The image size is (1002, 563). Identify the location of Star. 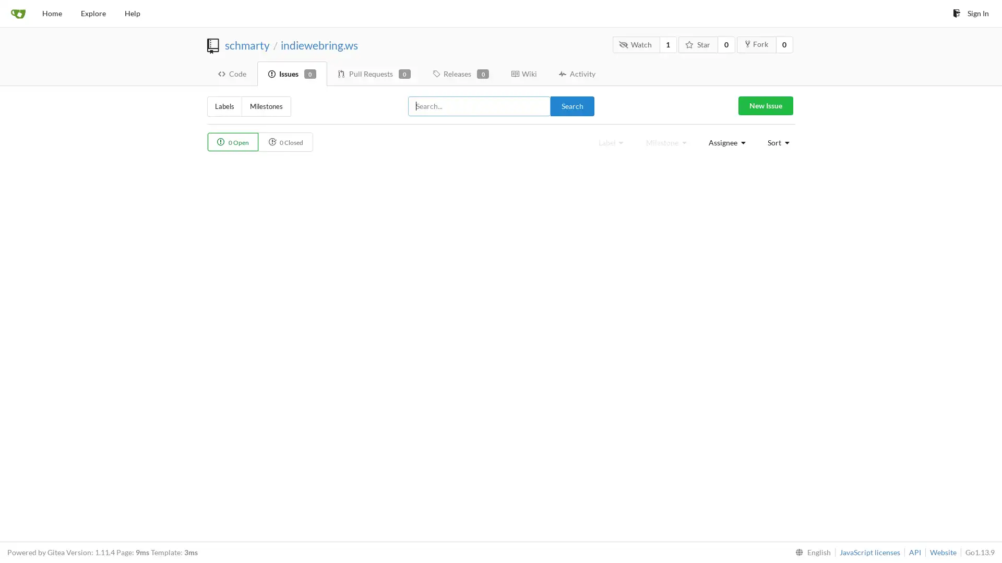
(698, 44).